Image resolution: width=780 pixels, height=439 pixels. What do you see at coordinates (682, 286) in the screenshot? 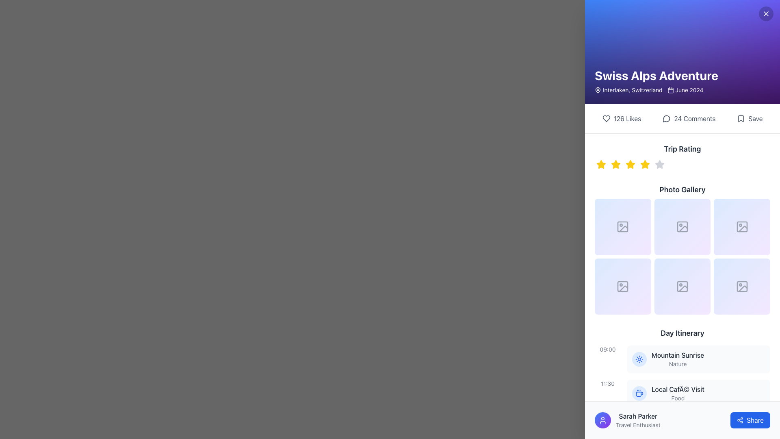
I see `the small square with rounded corners that serves as a placeholder for image content located in the 'Photo Gallery' section, specifically in the fourth position of the 3x2 grid` at bounding box center [682, 286].